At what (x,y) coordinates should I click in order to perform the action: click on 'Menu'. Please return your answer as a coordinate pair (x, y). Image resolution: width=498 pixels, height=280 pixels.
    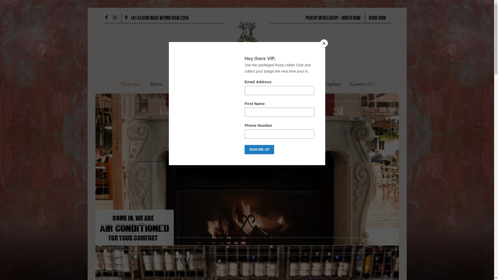
    Looking at the image, I should click on (149, 84).